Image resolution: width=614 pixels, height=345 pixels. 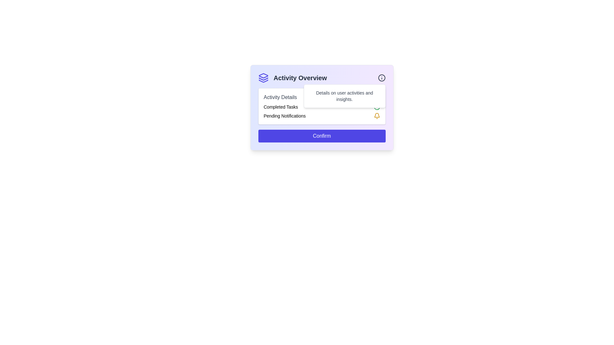 What do you see at coordinates (263, 77) in the screenshot?
I see `the stylized blue icon located to the left of the 'Activity Overview' heading, positioned at the top-left corner of the section` at bounding box center [263, 77].